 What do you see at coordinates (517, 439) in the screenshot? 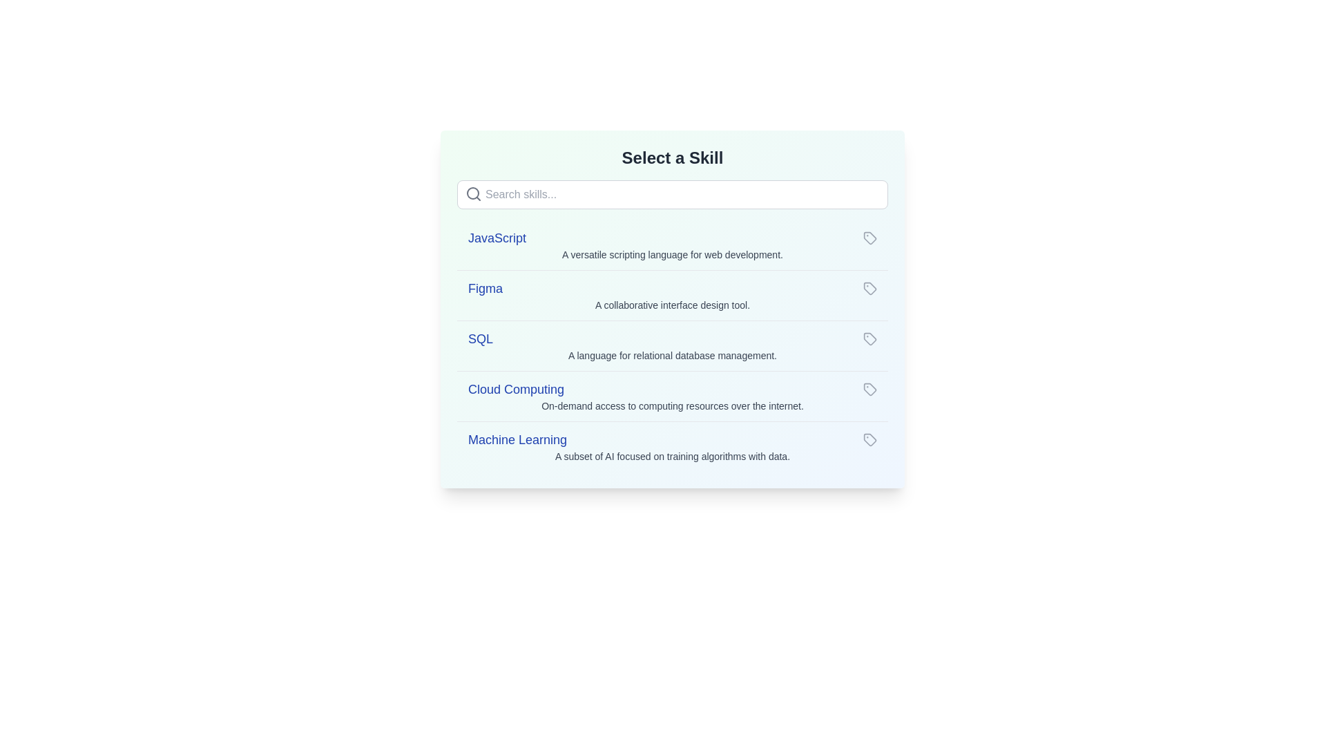
I see `the text element displaying 'Machine Learning' in blue` at bounding box center [517, 439].